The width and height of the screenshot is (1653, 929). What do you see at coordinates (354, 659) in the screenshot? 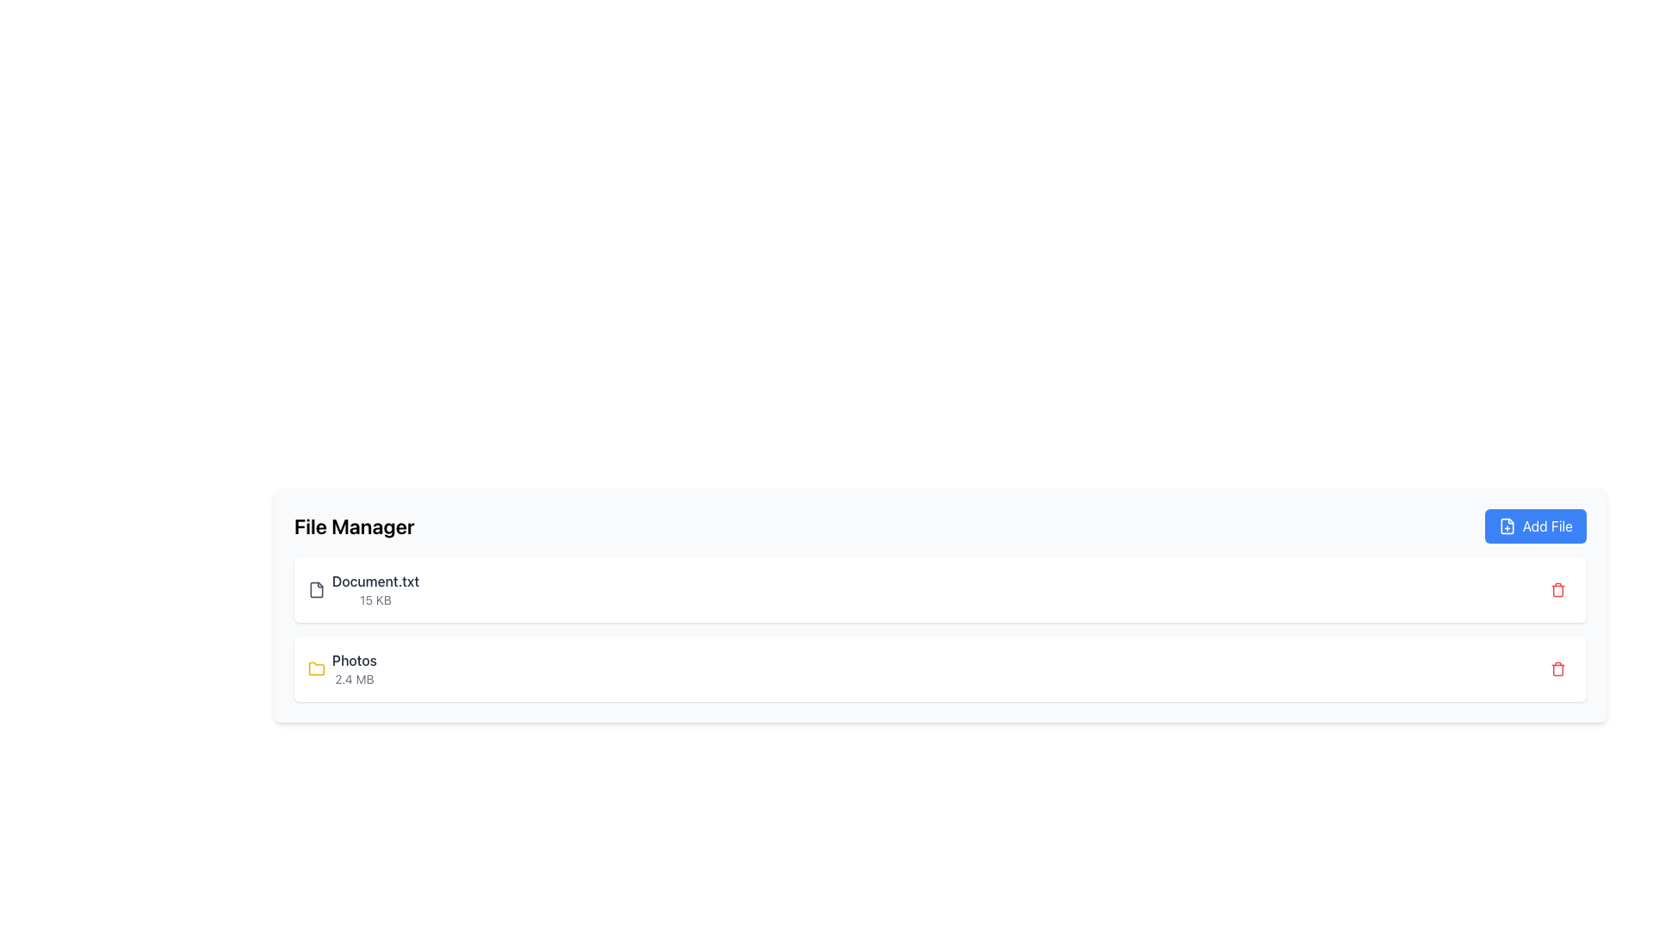
I see `the folder icon associated with the 'Photos' text label` at bounding box center [354, 659].